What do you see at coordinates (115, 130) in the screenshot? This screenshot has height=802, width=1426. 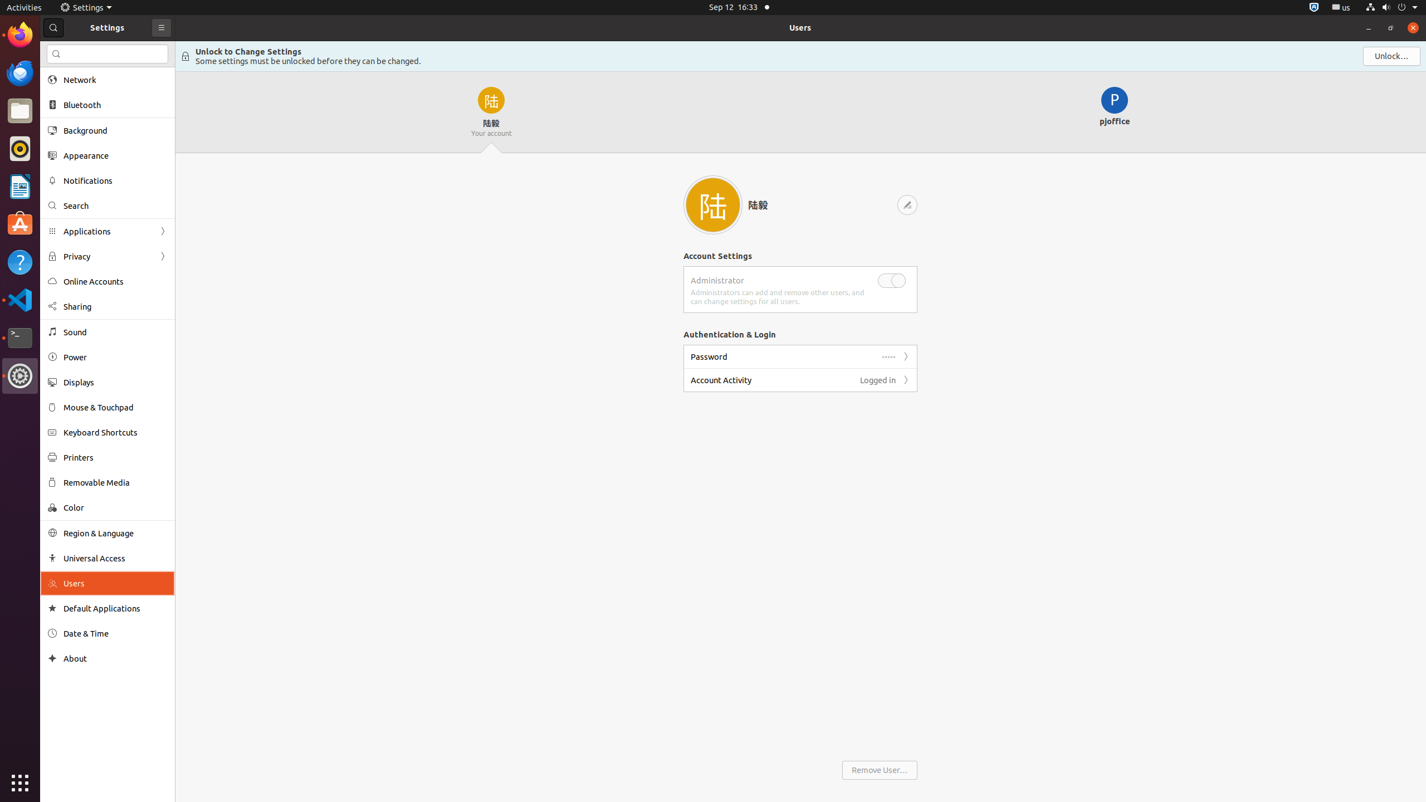 I see `'Background'` at bounding box center [115, 130].